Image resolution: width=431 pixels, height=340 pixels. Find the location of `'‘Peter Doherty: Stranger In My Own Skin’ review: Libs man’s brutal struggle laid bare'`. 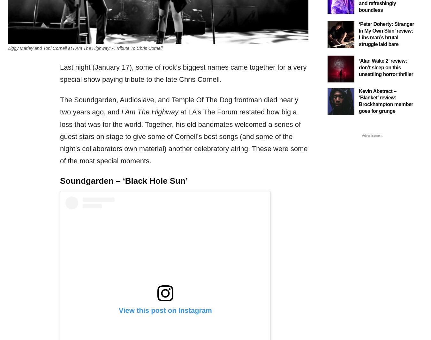

'‘Peter Doherty: Stranger In My Own Skin’ review: Libs man’s brutal struggle laid bare' is located at coordinates (386, 34).